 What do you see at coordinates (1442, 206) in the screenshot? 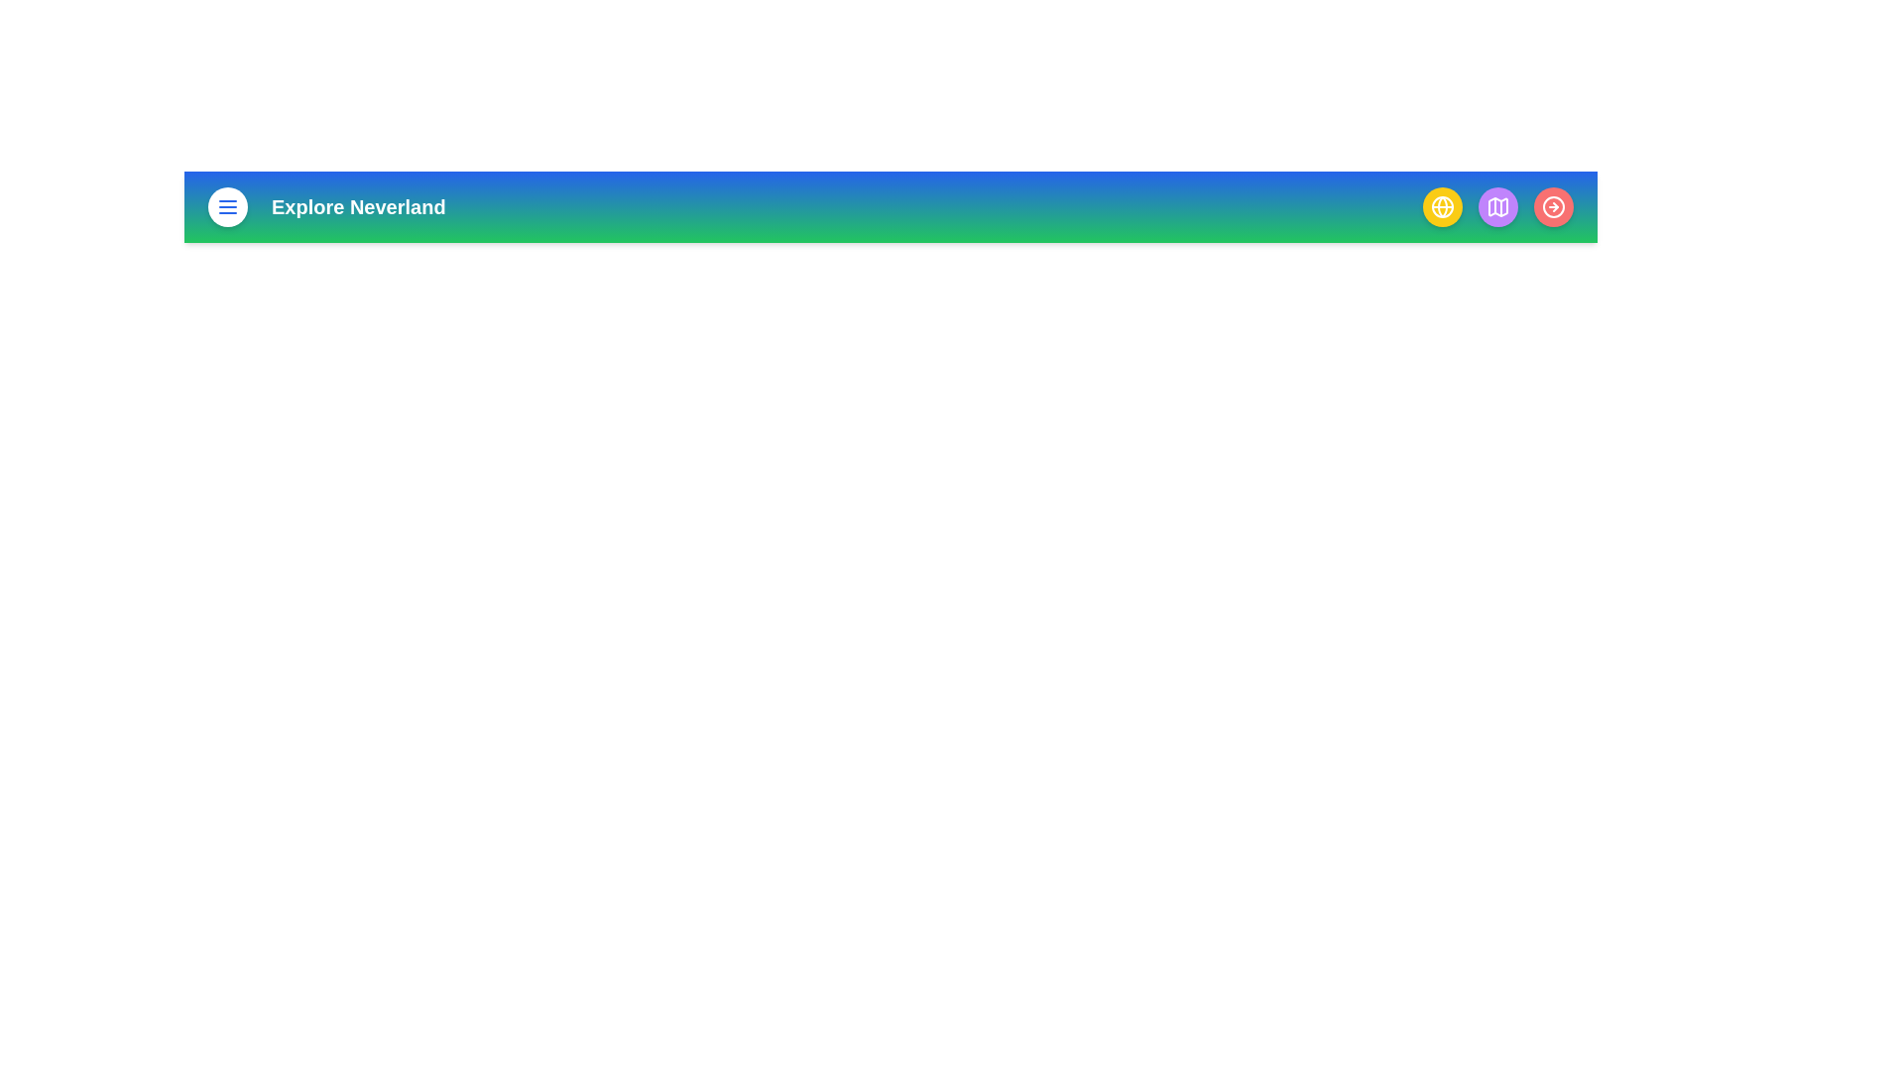
I see `the globe button to access global settings` at bounding box center [1442, 206].